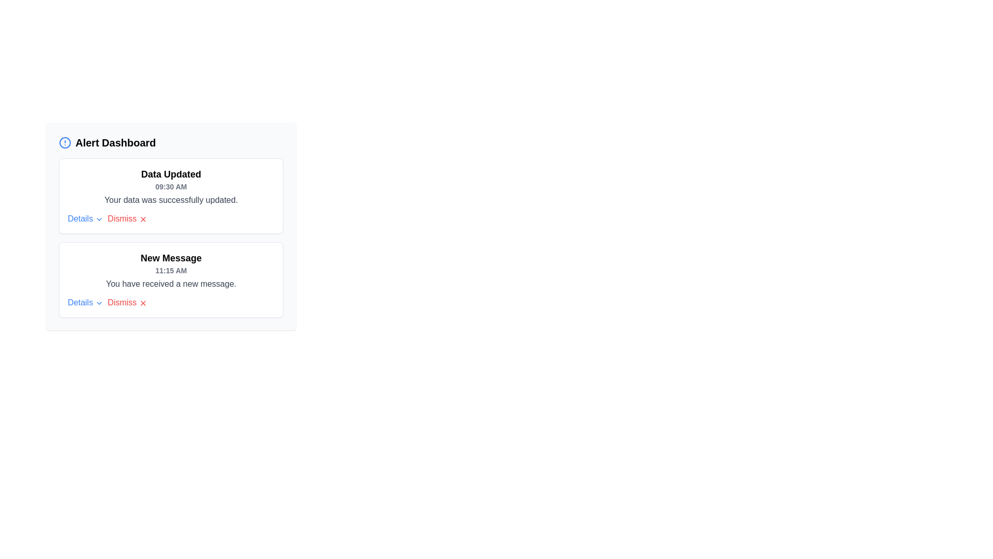 Image resolution: width=993 pixels, height=559 pixels. What do you see at coordinates (127, 218) in the screenshot?
I see `the red 'Dismiss' button styled link` at bounding box center [127, 218].